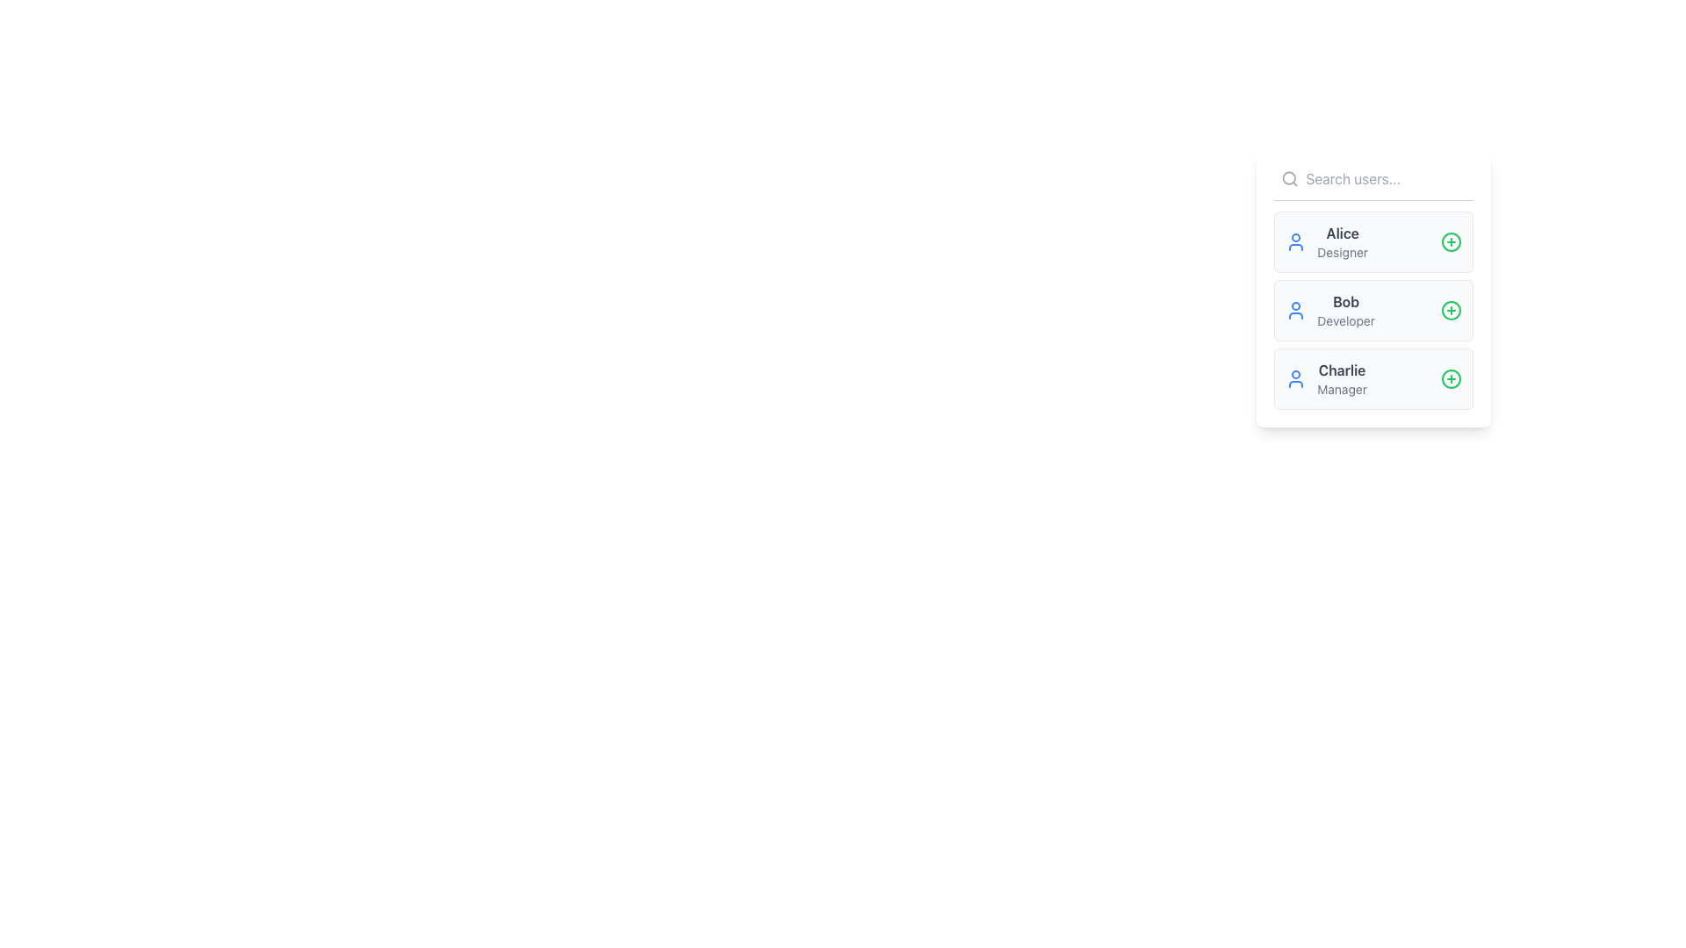  Describe the element at coordinates (1296, 242) in the screenshot. I see `the user icon with a blue outline next to 'Alice' the Designer in the user list` at that location.